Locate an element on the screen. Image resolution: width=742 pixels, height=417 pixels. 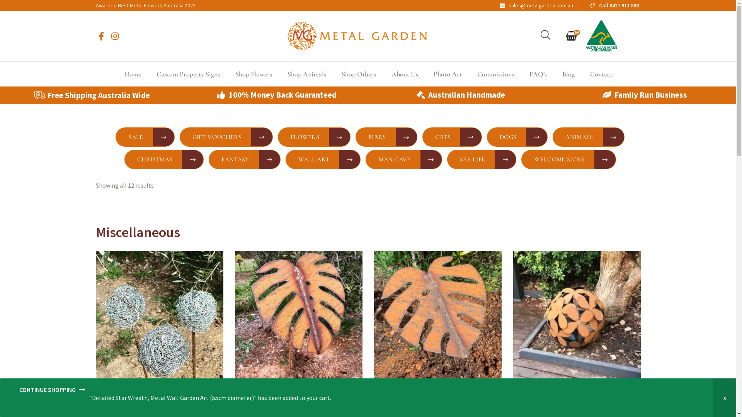
'Call 0427 911 888' is located at coordinates (588, 5).